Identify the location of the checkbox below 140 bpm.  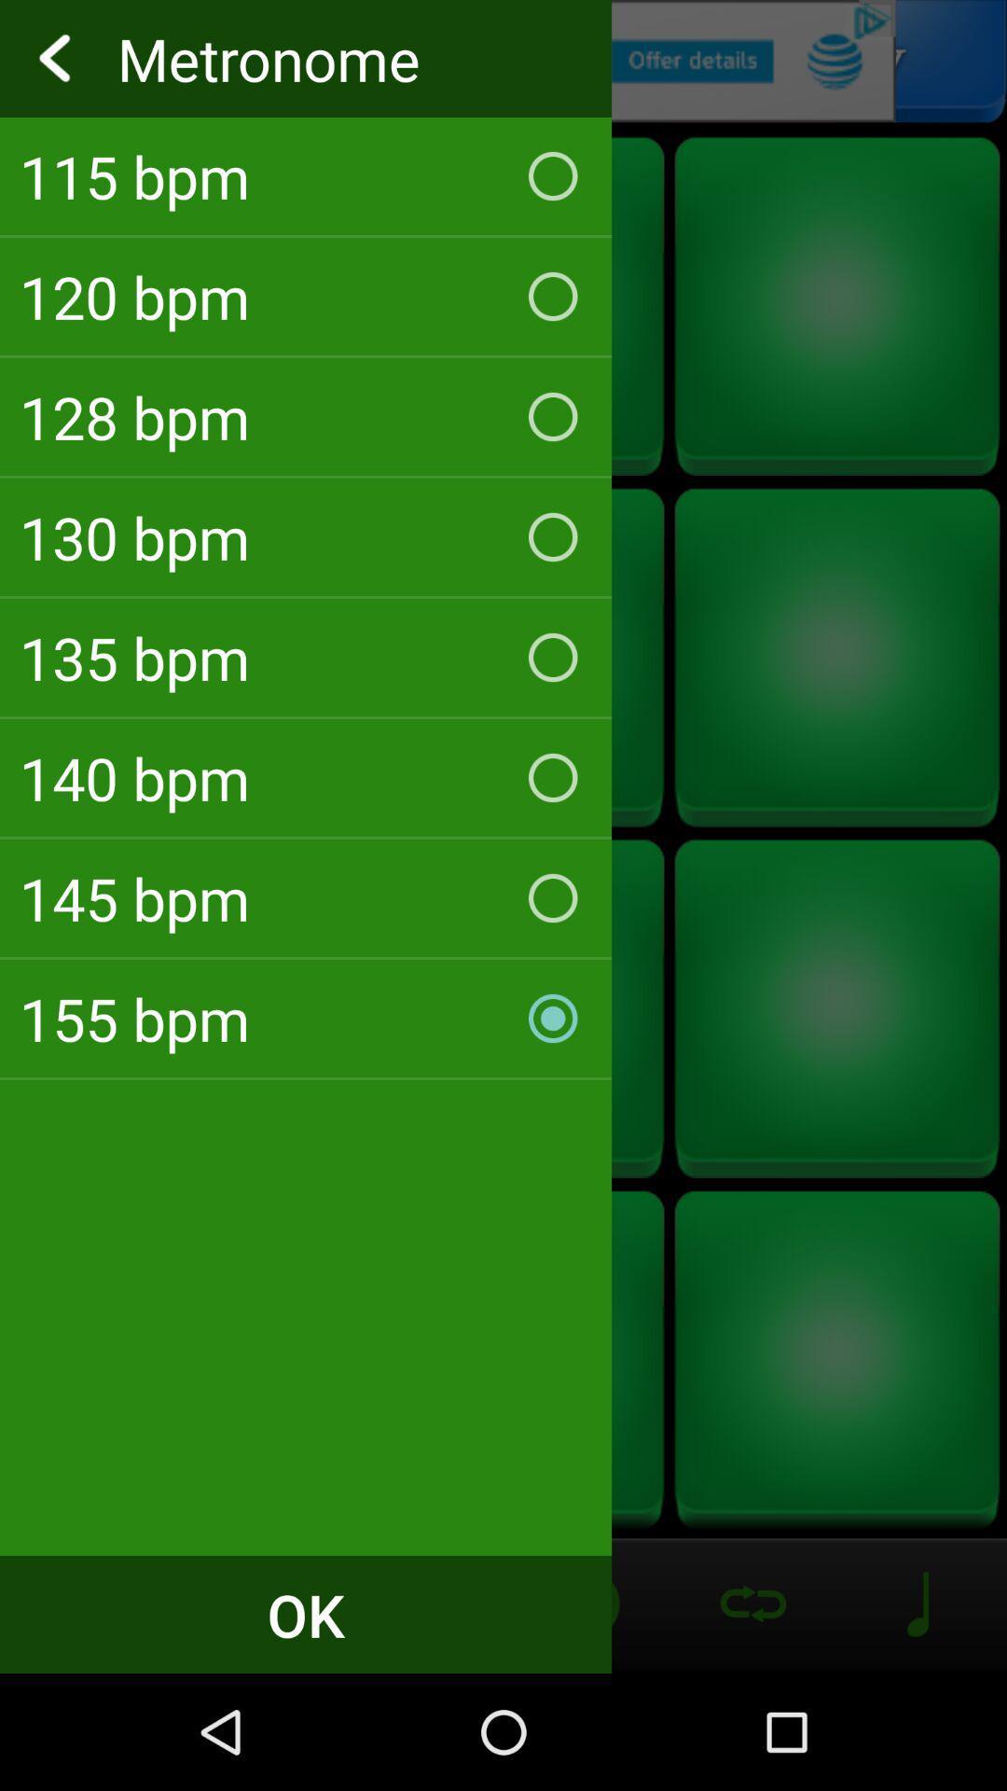
(305, 898).